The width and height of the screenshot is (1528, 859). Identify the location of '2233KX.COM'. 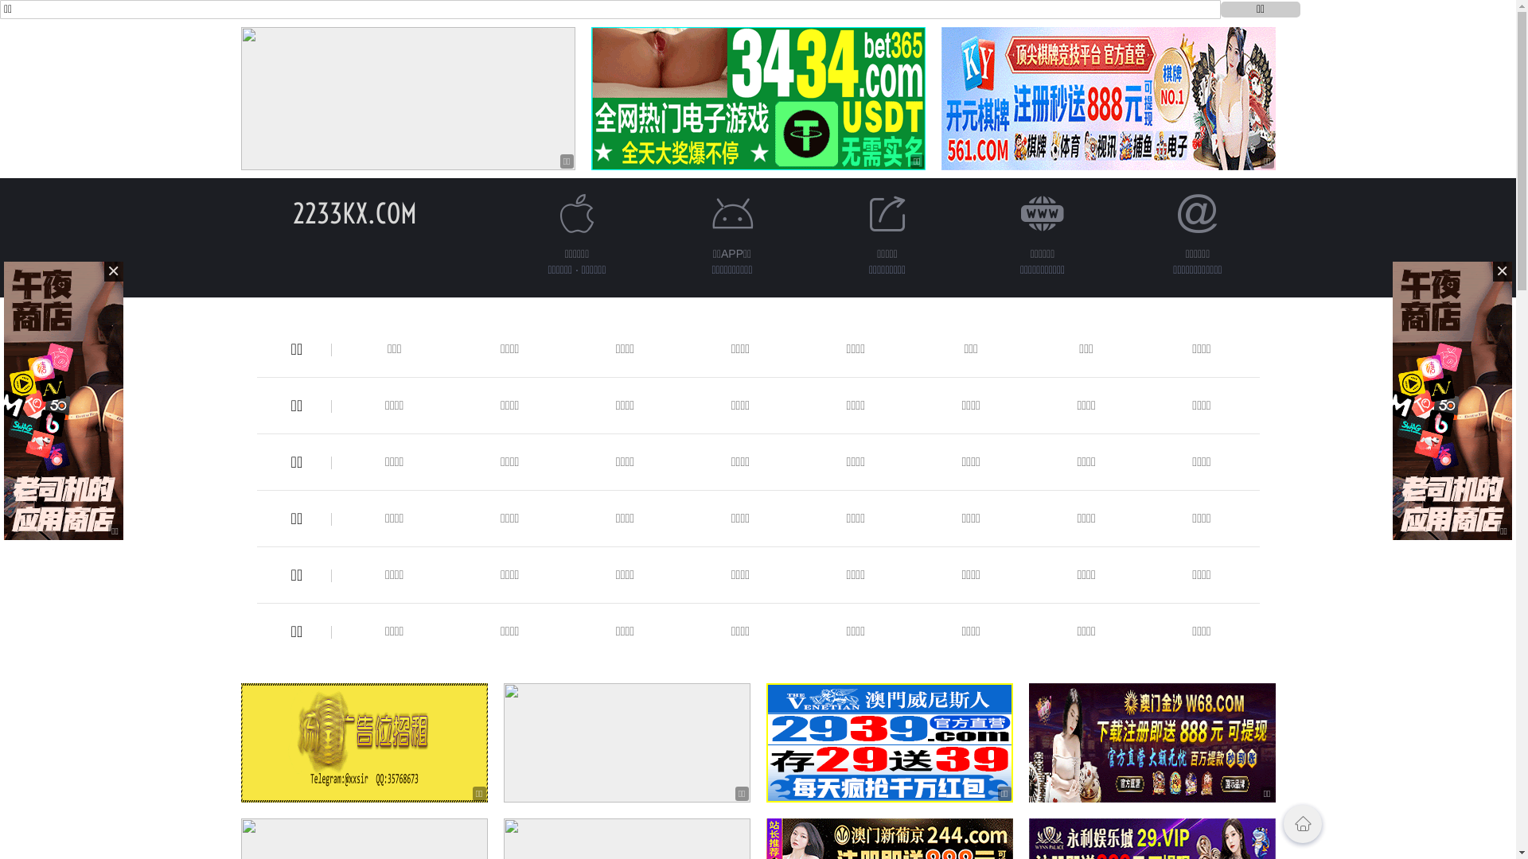
(354, 212).